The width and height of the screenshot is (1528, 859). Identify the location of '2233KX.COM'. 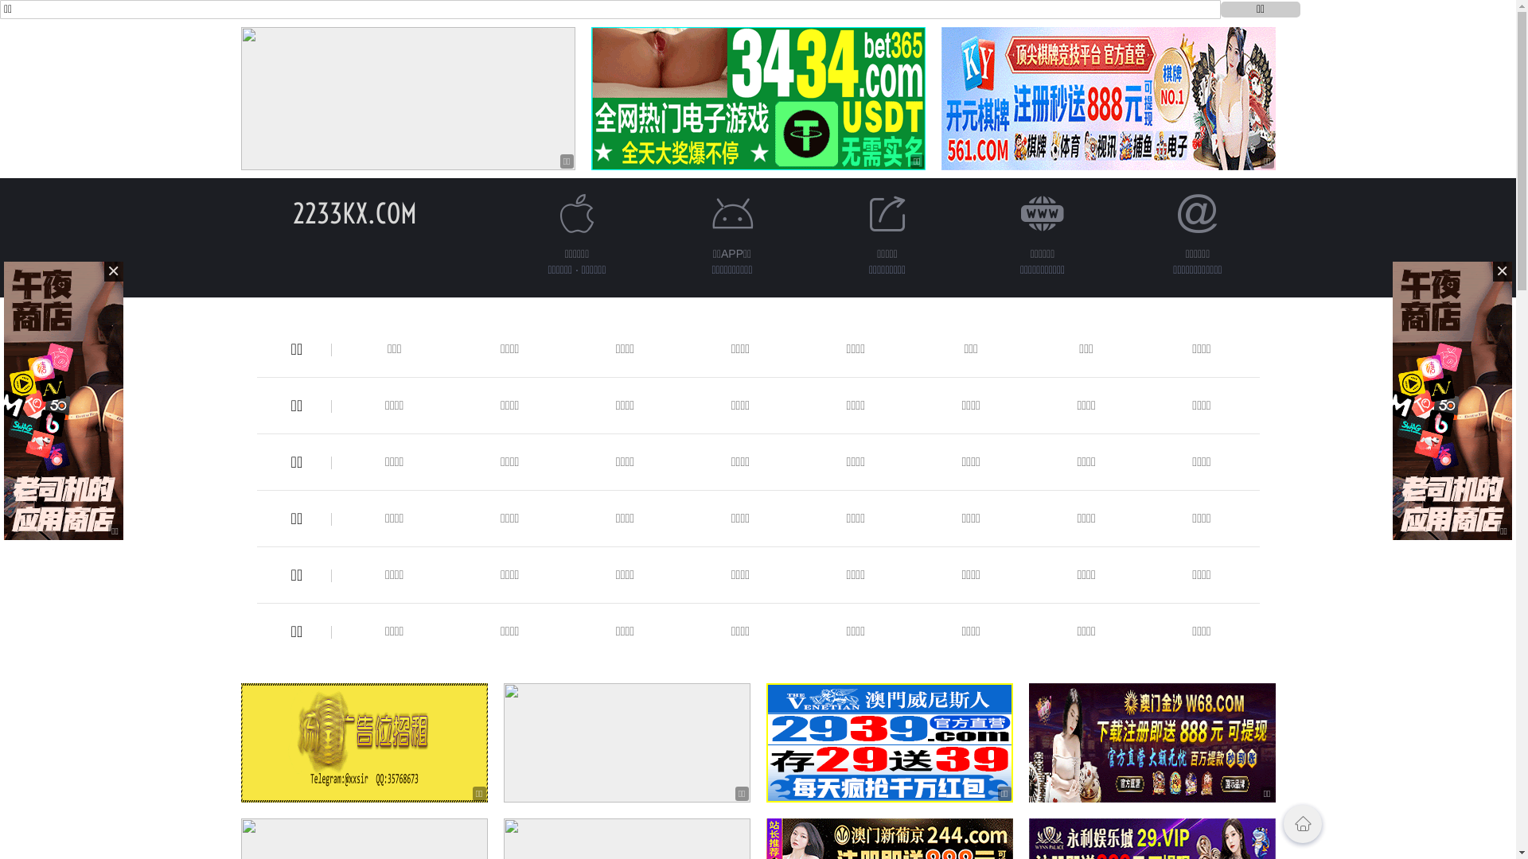
(354, 212).